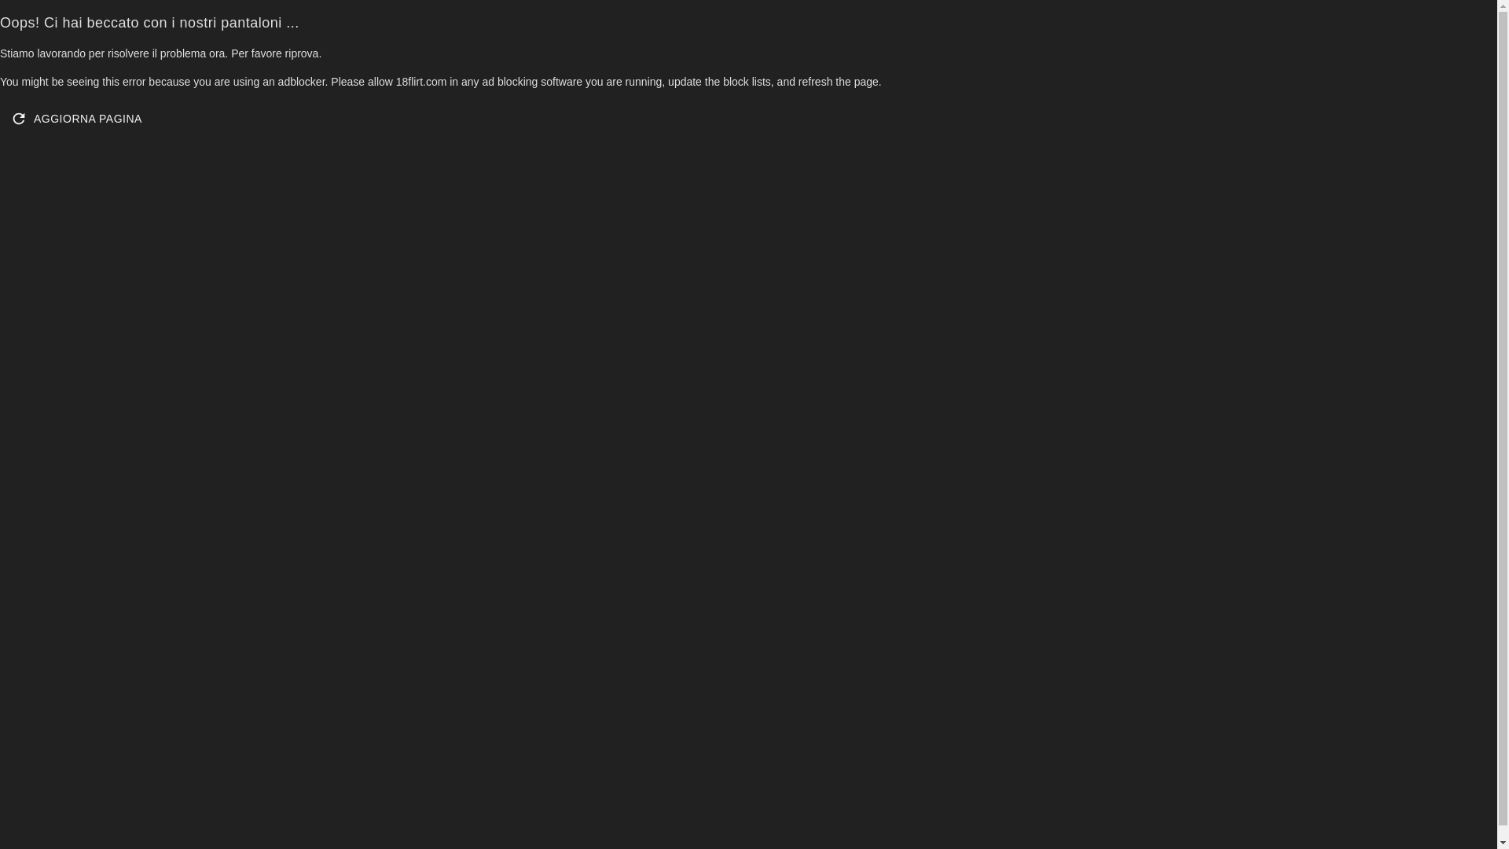  I want to click on 'AGGIORNA PAGINA', so click(77, 117).